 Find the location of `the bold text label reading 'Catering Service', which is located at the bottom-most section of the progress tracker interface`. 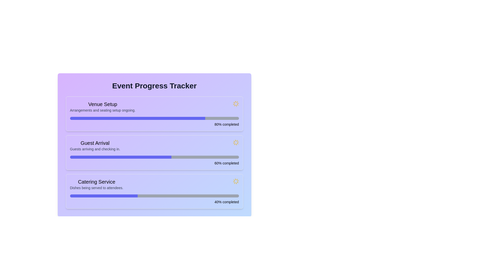

the bold text label reading 'Catering Service', which is located at the bottom-most section of the progress tracker interface is located at coordinates (97, 182).